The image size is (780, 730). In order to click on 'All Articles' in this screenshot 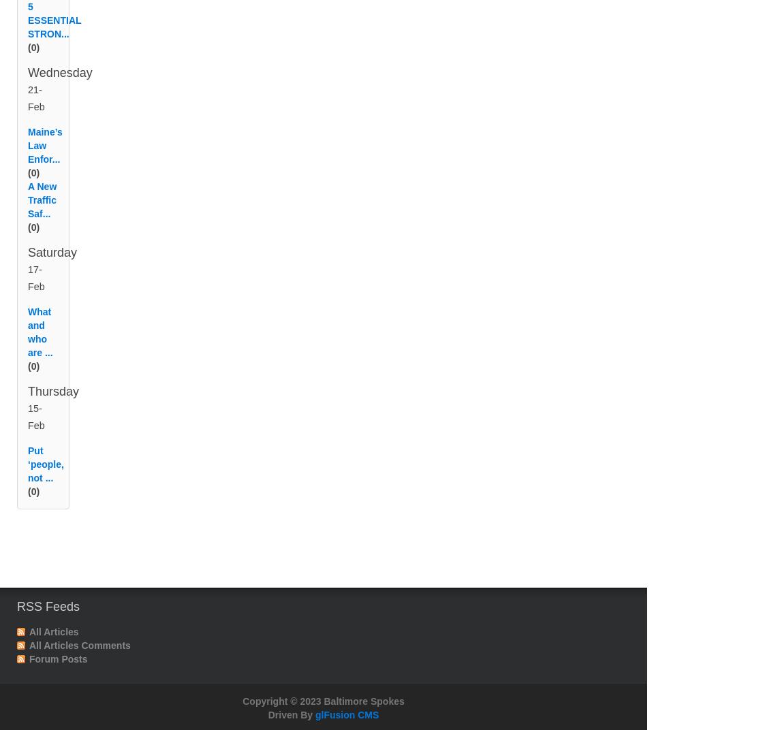, I will do `click(54, 648)`.